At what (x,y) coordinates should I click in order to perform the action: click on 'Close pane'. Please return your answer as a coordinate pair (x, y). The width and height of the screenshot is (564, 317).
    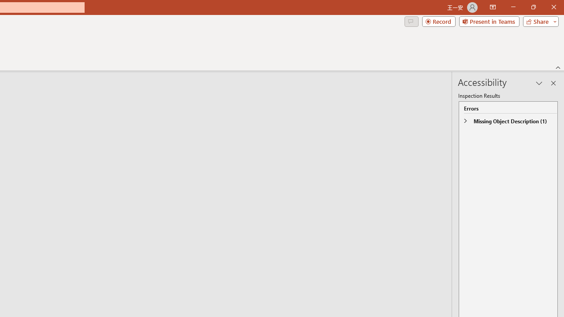
    Looking at the image, I should click on (553, 83).